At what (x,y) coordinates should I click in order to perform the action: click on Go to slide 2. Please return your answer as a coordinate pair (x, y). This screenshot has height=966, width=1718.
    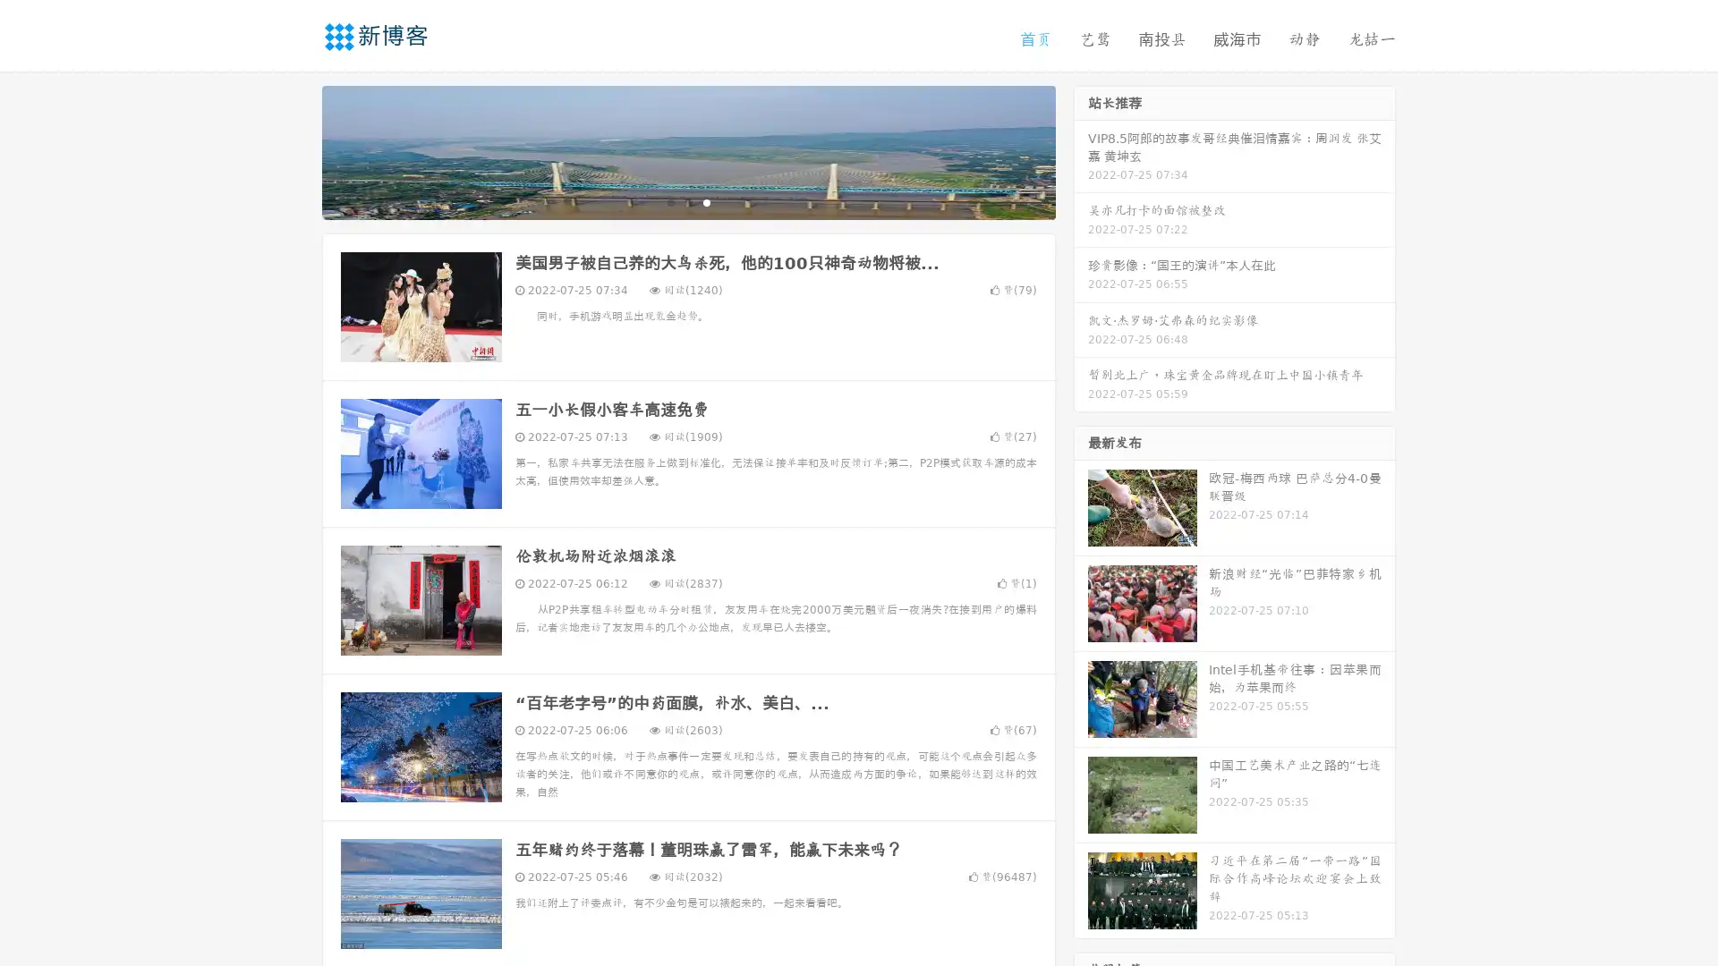
    Looking at the image, I should click on (687, 201).